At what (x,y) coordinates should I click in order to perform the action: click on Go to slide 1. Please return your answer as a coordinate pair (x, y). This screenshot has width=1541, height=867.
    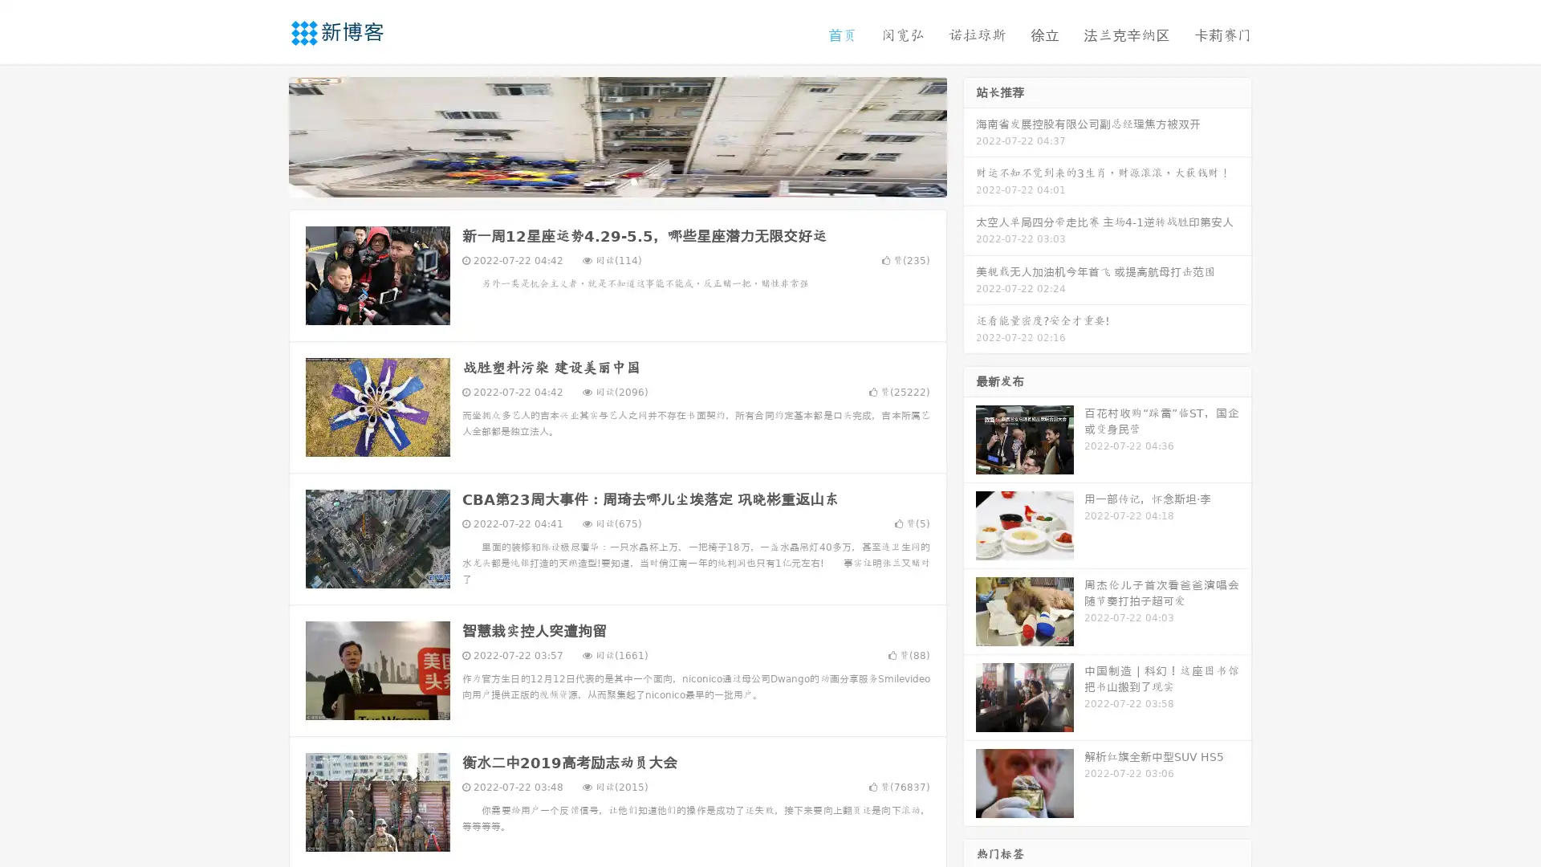
    Looking at the image, I should click on (600, 181).